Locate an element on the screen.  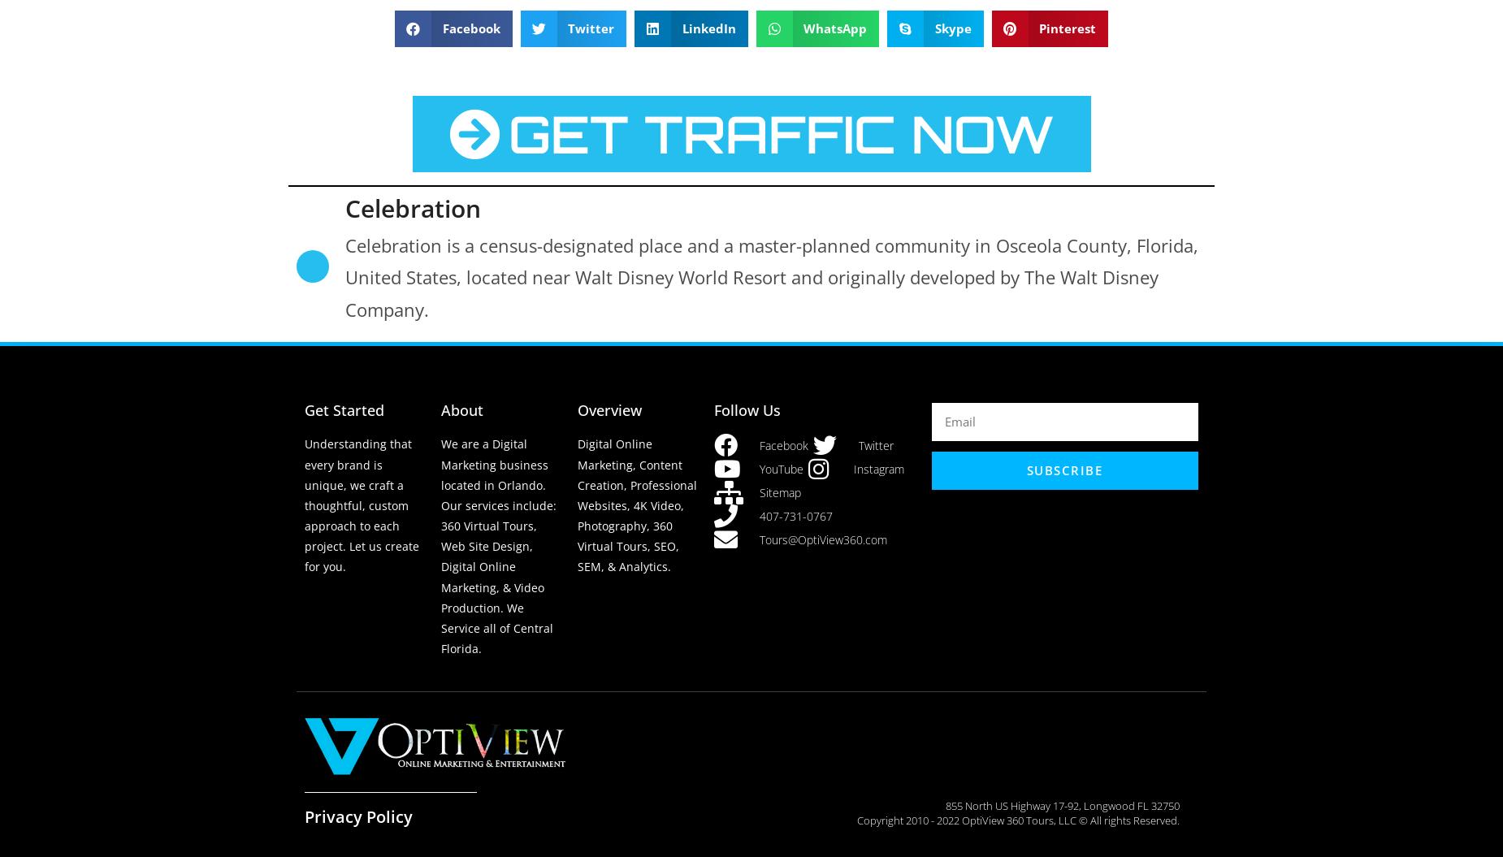
'WhatsApp' is located at coordinates (834, 27).